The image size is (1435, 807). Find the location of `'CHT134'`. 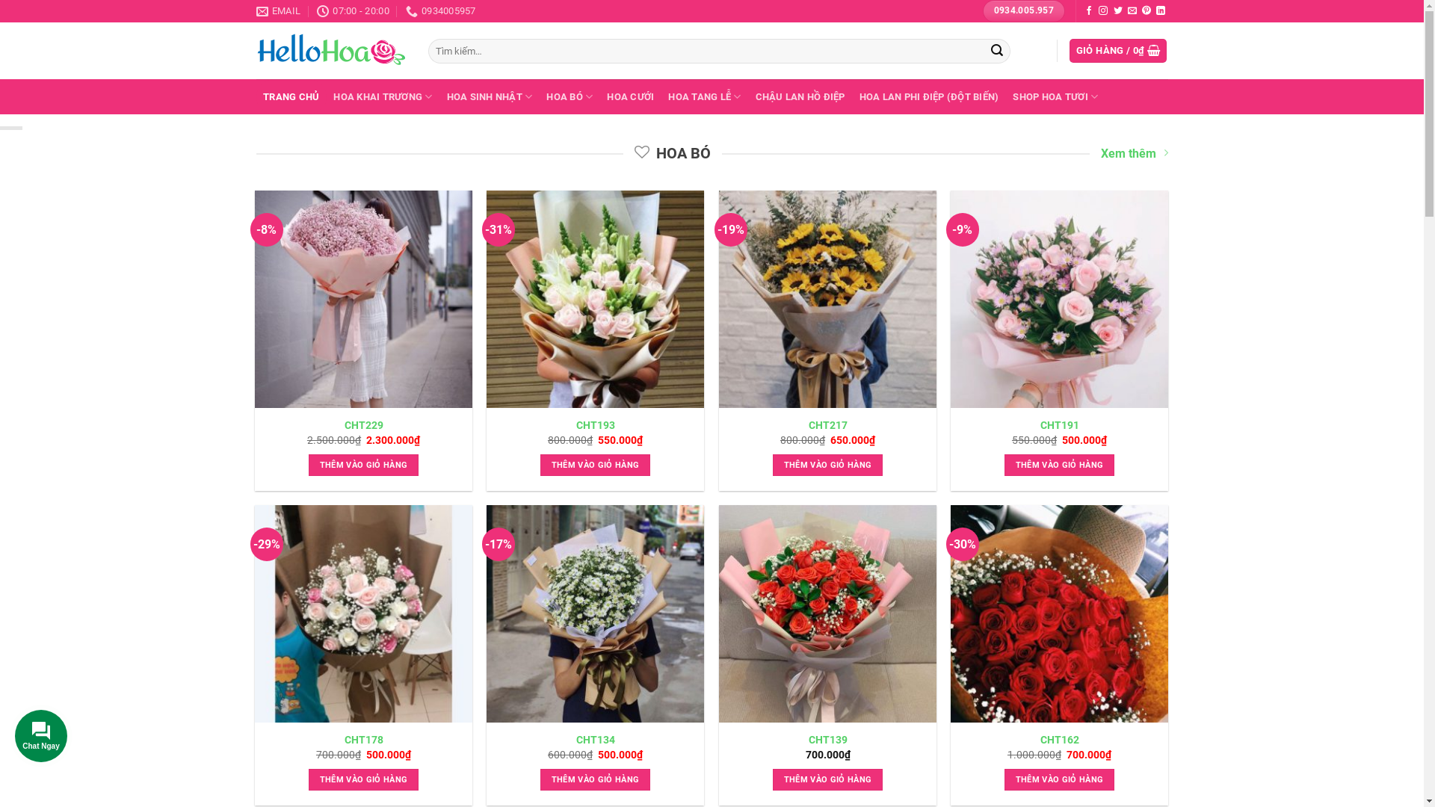

'CHT134' is located at coordinates (594, 740).